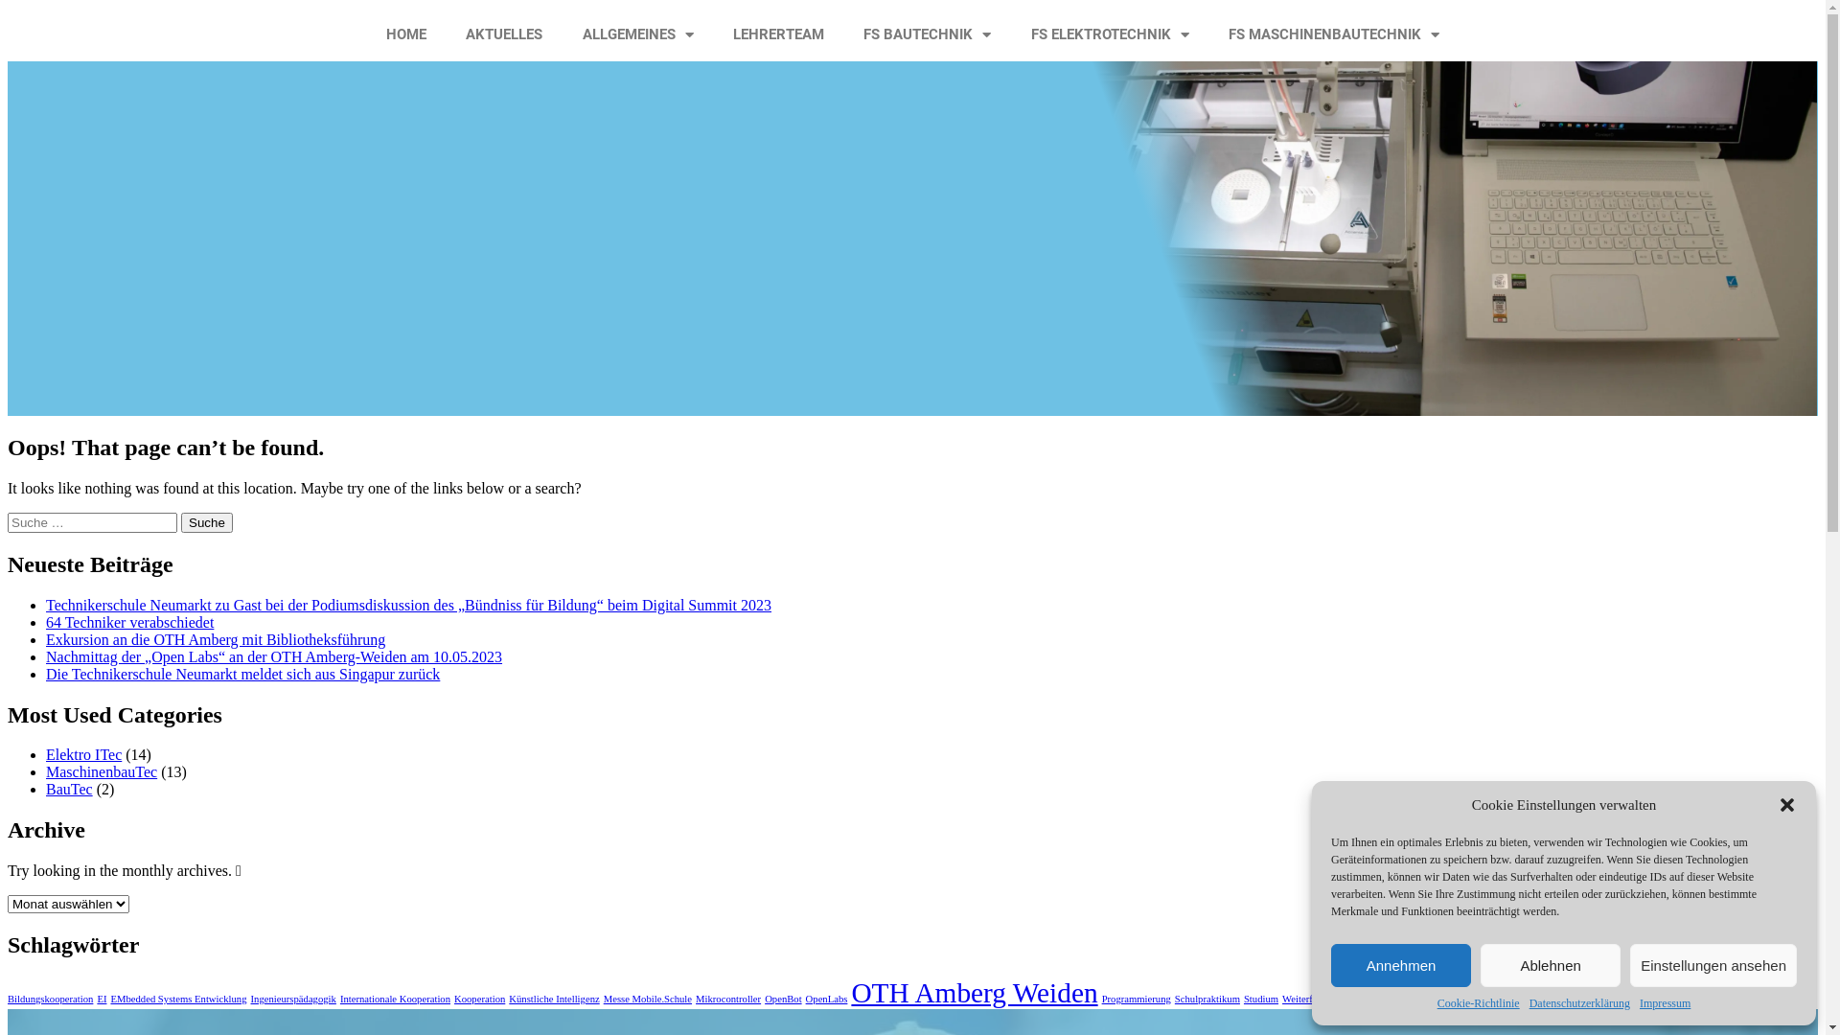  What do you see at coordinates (1109, 34) in the screenshot?
I see `'FS ELEKTROTECHNIK'` at bounding box center [1109, 34].